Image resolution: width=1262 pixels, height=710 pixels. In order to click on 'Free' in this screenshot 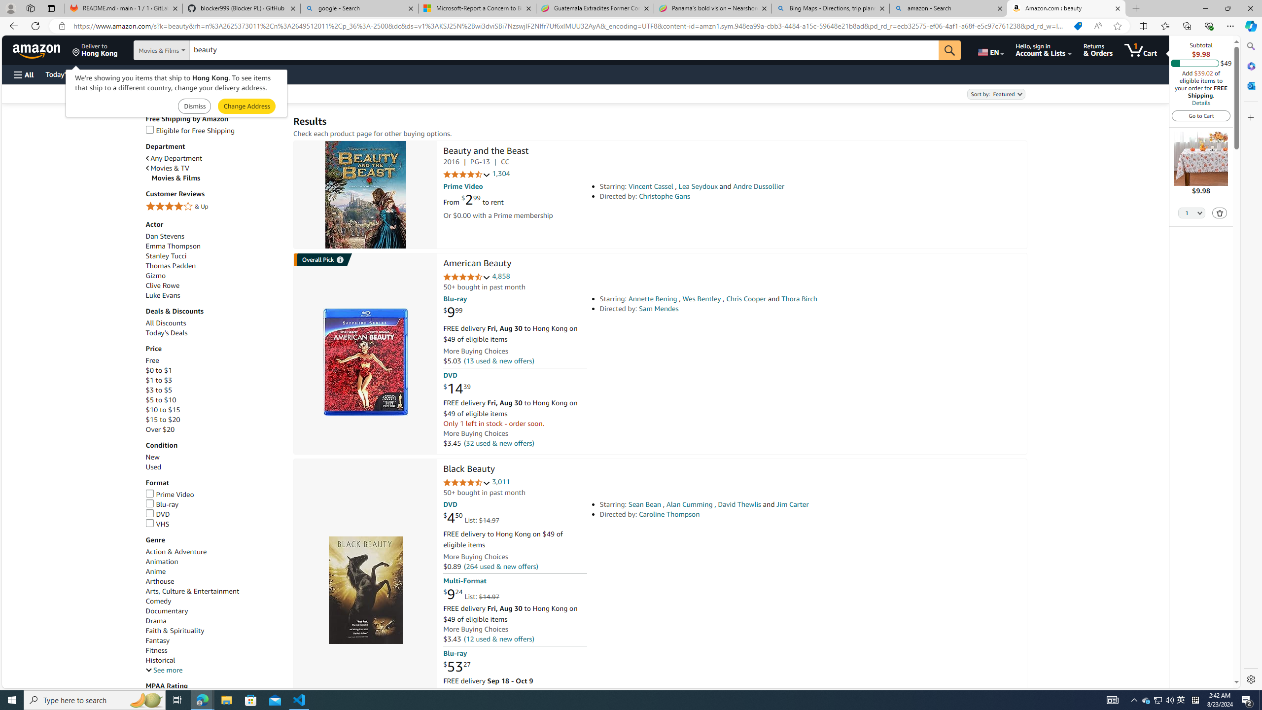, I will do `click(151, 360)`.